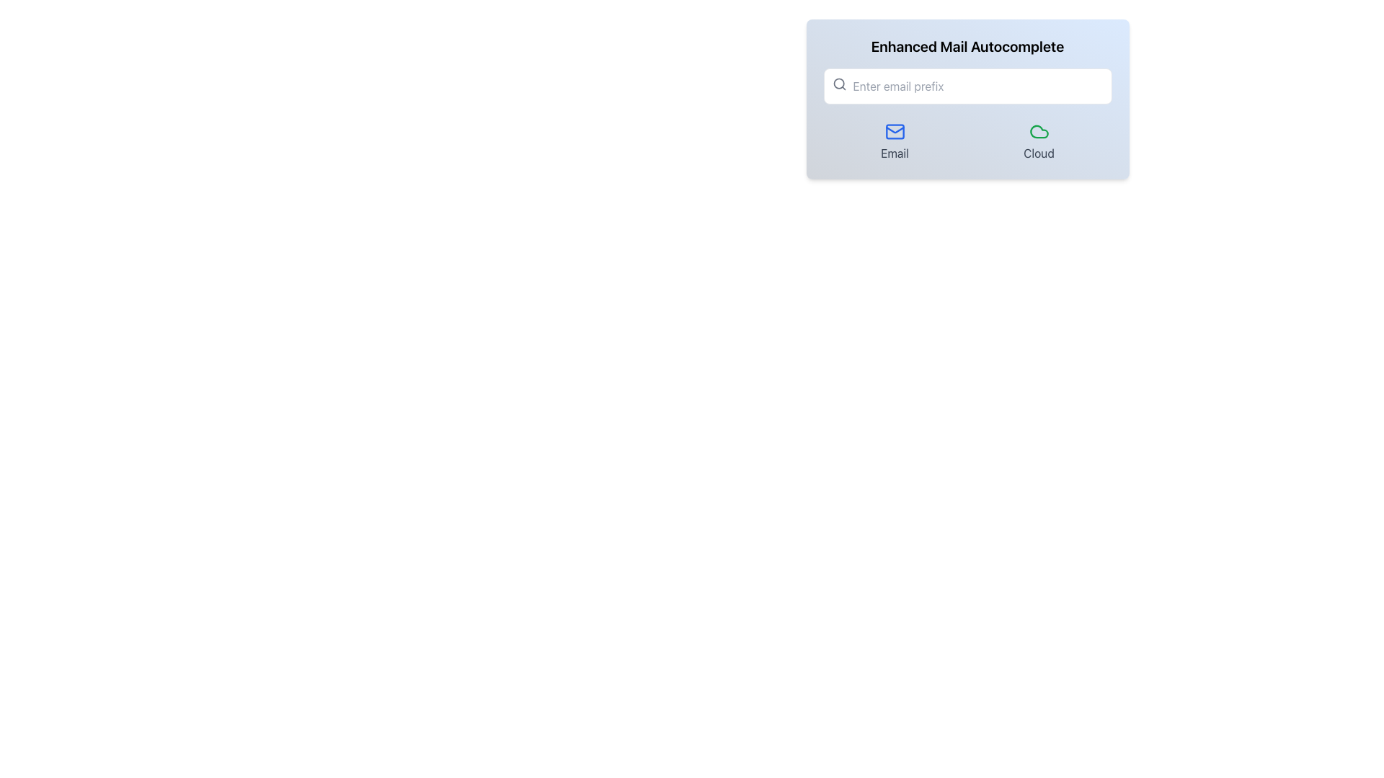 Image resolution: width=1384 pixels, height=778 pixels. Describe the element at coordinates (1039, 141) in the screenshot. I see `the second selectable option labeled with a 'Cloud' icon and text, located to the right of the 'Email' option` at that location.